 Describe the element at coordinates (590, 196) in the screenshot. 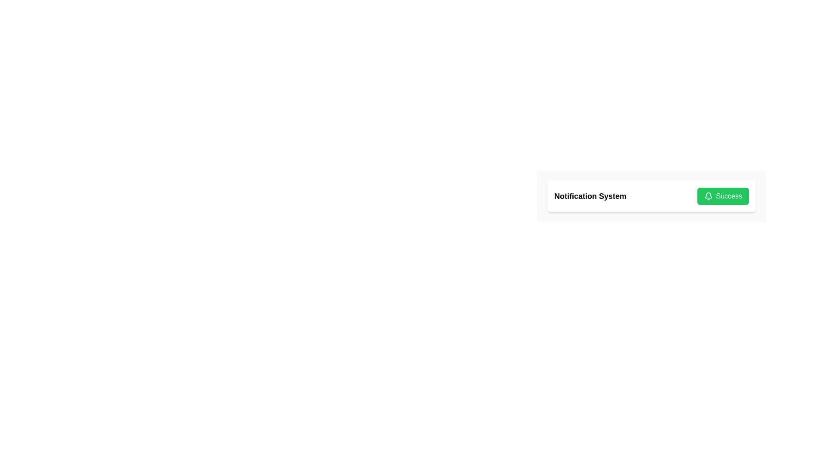

I see `the static text element that reads 'Notification System', which is displayed in a bold and large black font on a white background` at that location.